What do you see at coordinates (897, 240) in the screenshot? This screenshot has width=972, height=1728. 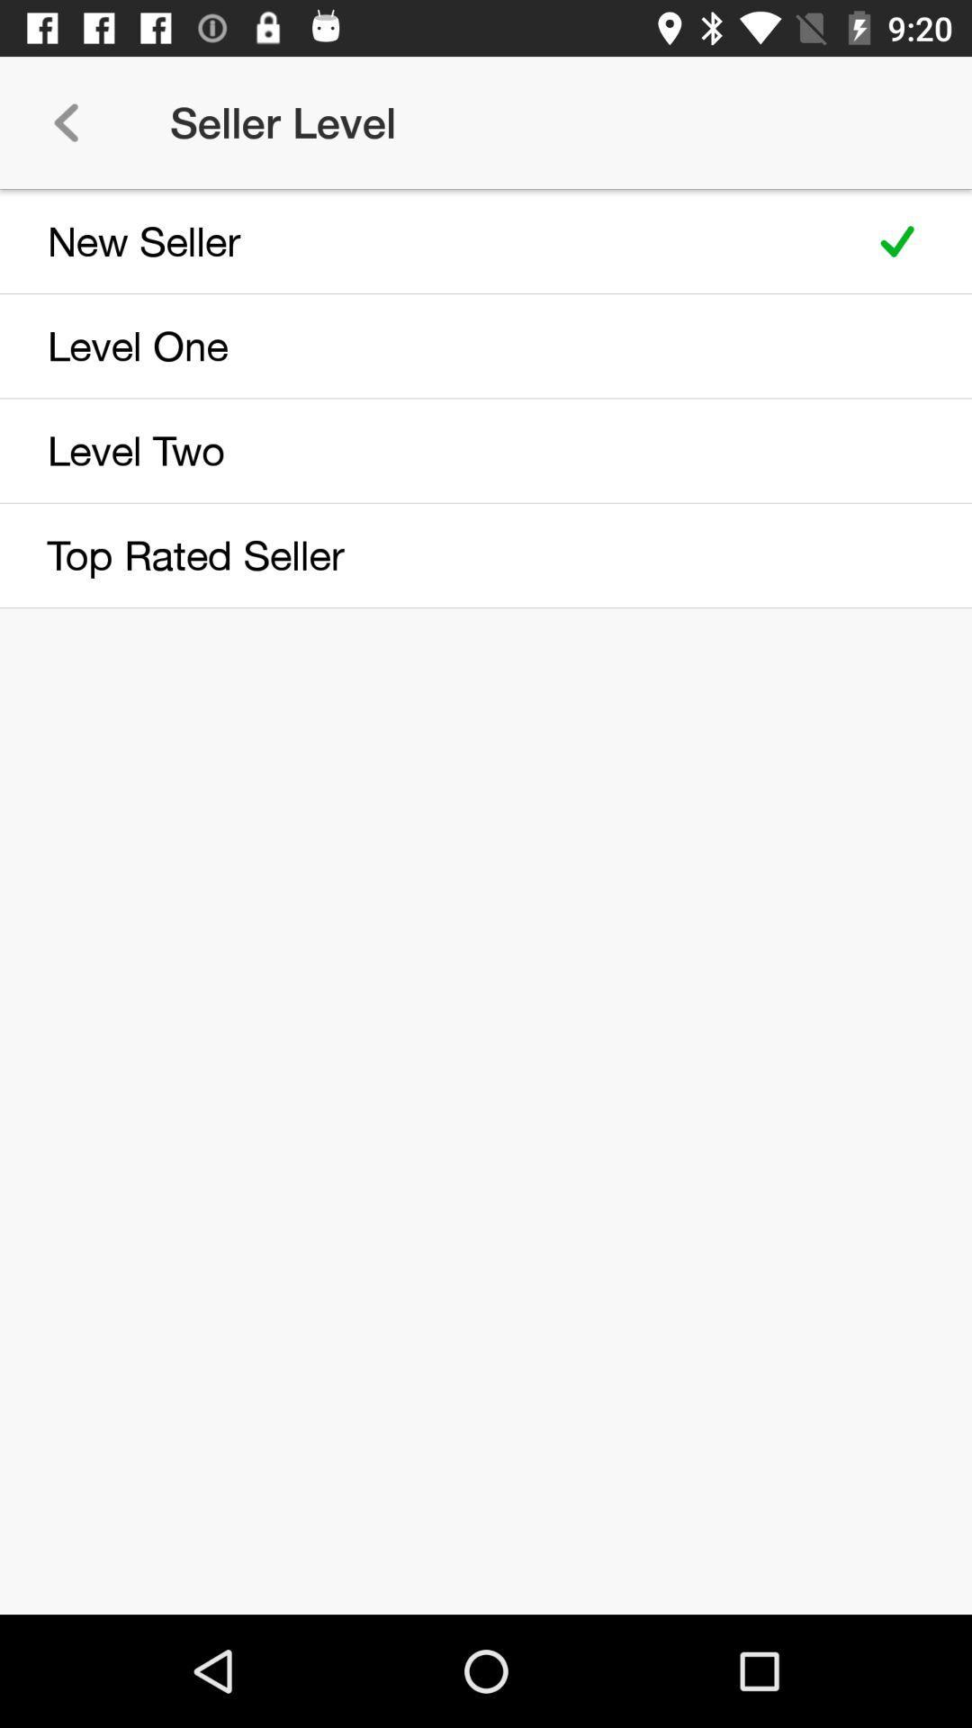 I see `item at the top right corner` at bounding box center [897, 240].